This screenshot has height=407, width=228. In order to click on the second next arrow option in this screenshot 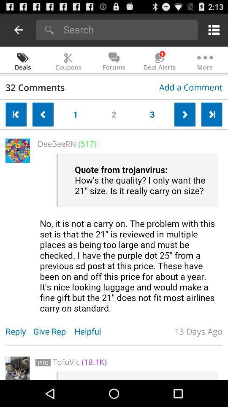, I will do `click(211, 114)`.